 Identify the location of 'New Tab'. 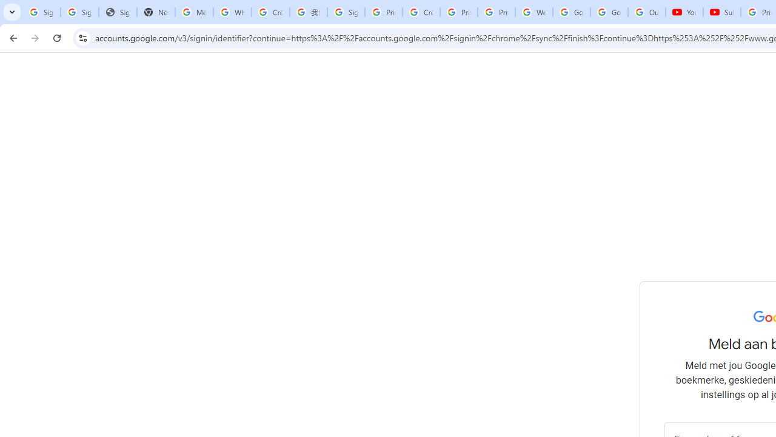
(155, 12).